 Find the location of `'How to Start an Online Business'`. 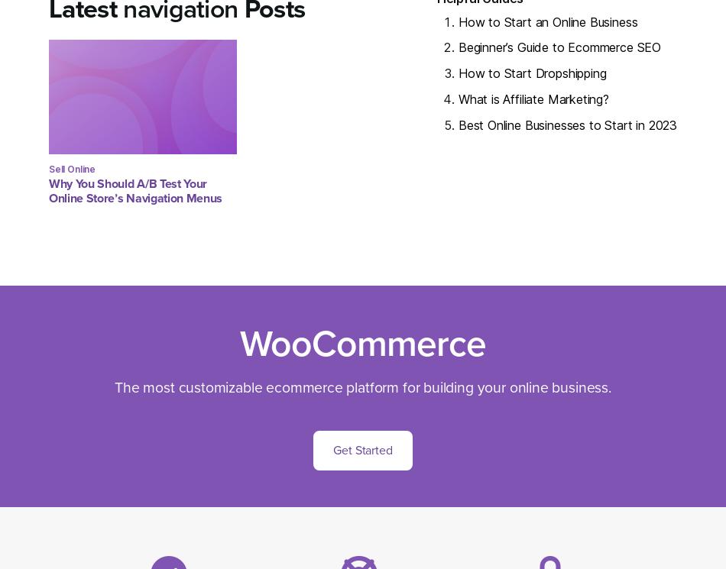

'How to Start an Online Business' is located at coordinates (457, 21).